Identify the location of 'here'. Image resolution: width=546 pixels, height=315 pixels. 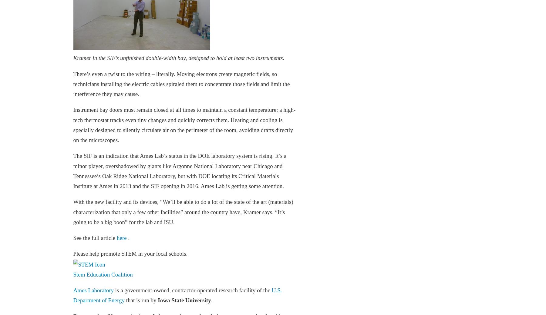
(122, 237).